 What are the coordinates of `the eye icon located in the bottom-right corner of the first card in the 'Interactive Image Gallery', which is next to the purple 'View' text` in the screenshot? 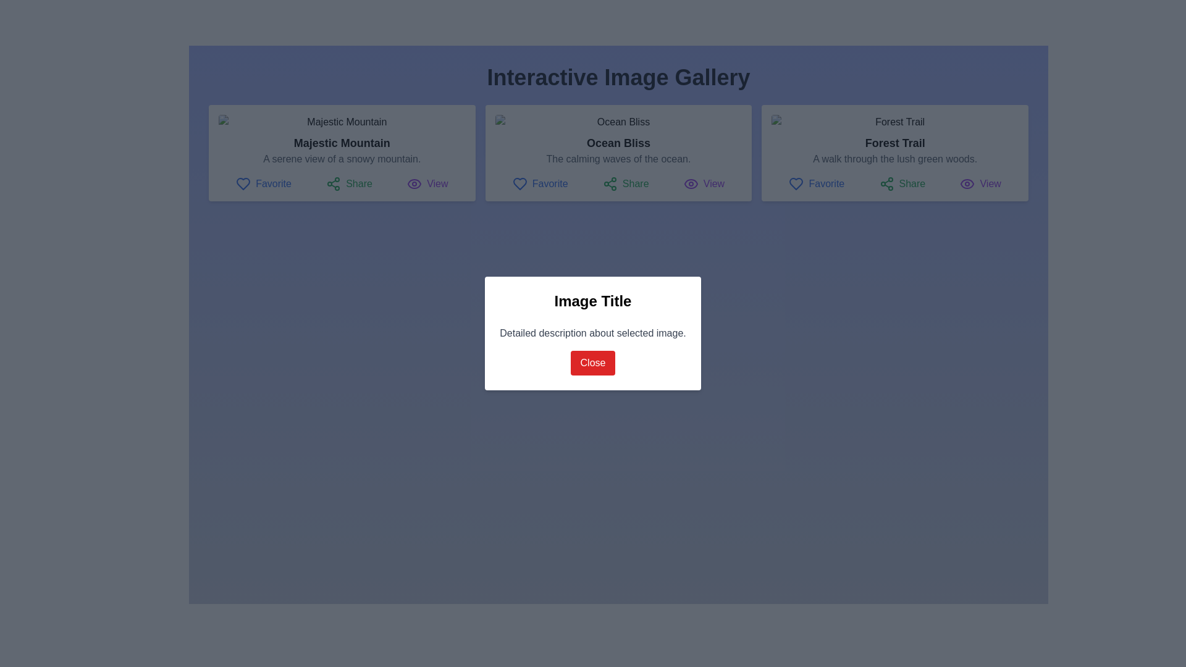 It's located at (414, 183).